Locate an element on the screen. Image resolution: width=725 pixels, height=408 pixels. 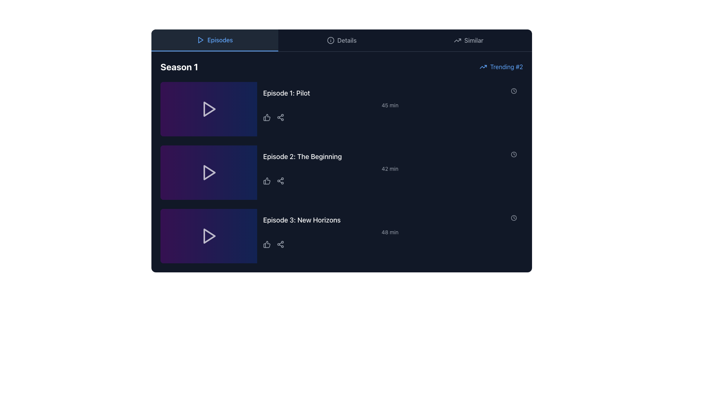
the triangular play icon associated with 'Episode 2: The Beginning' is located at coordinates (210, 172).